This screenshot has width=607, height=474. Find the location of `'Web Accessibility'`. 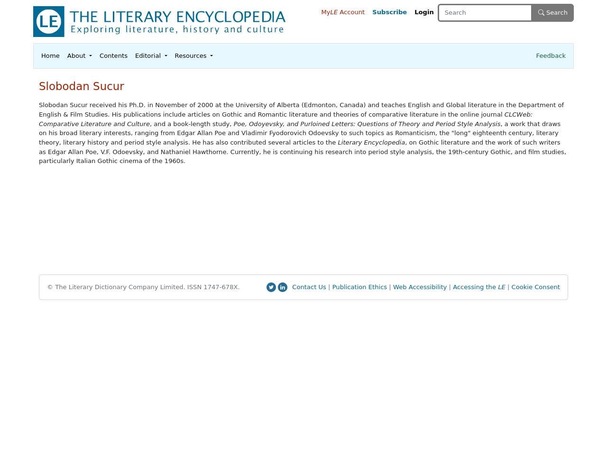

'Web Accessibility' is located at coordinates (419, 286).